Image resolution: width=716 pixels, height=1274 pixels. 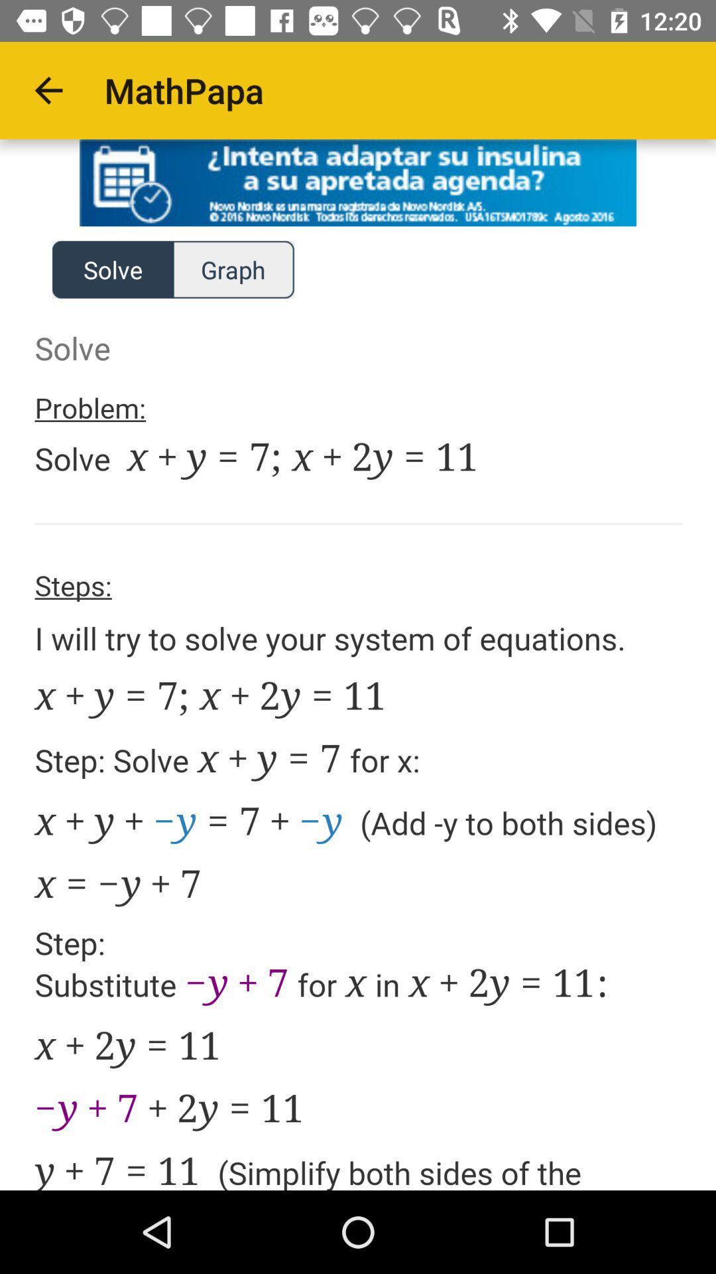 I want to click on advertisement, so click(x=358, y=182).